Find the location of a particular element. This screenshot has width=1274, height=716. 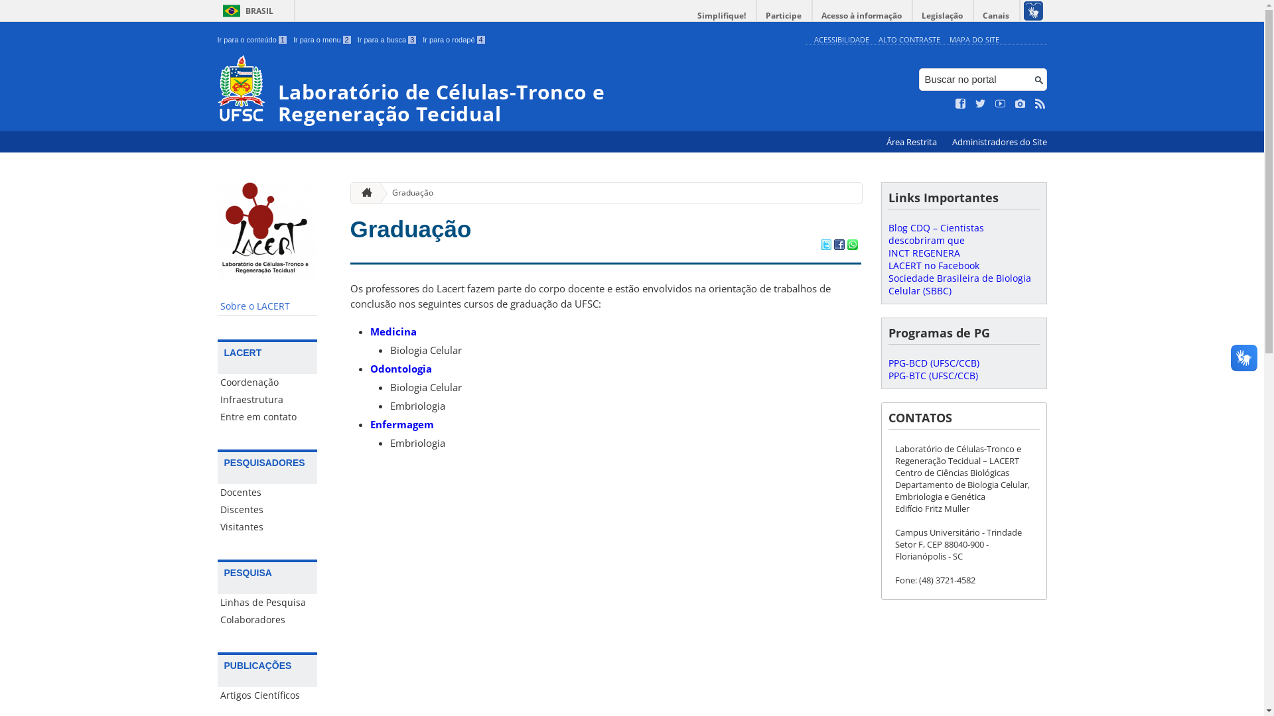

'Ir para o menu 2' is located at coordinates (292, 39).